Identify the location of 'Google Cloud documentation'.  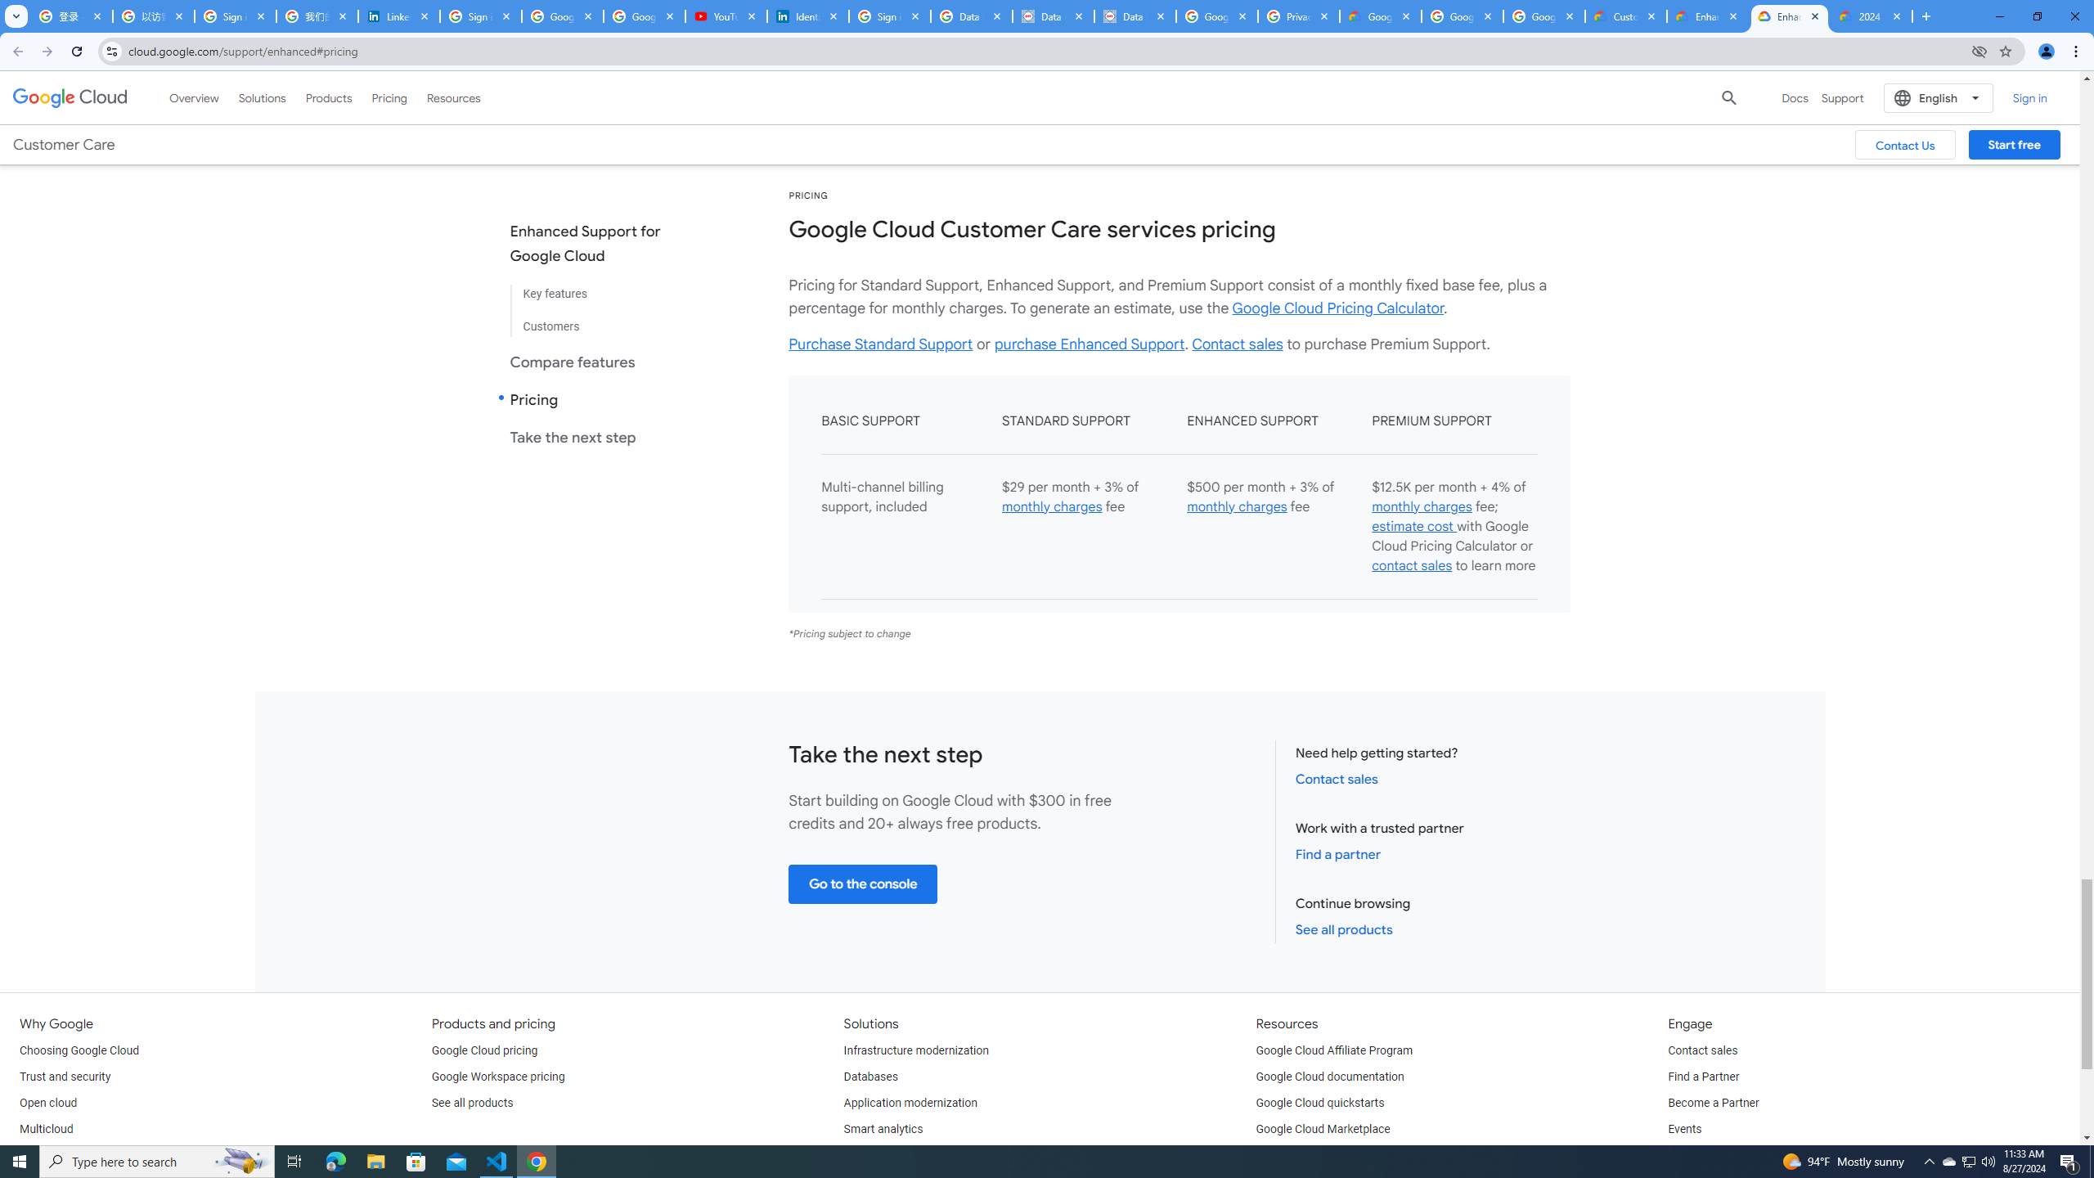
(1330, 1076).